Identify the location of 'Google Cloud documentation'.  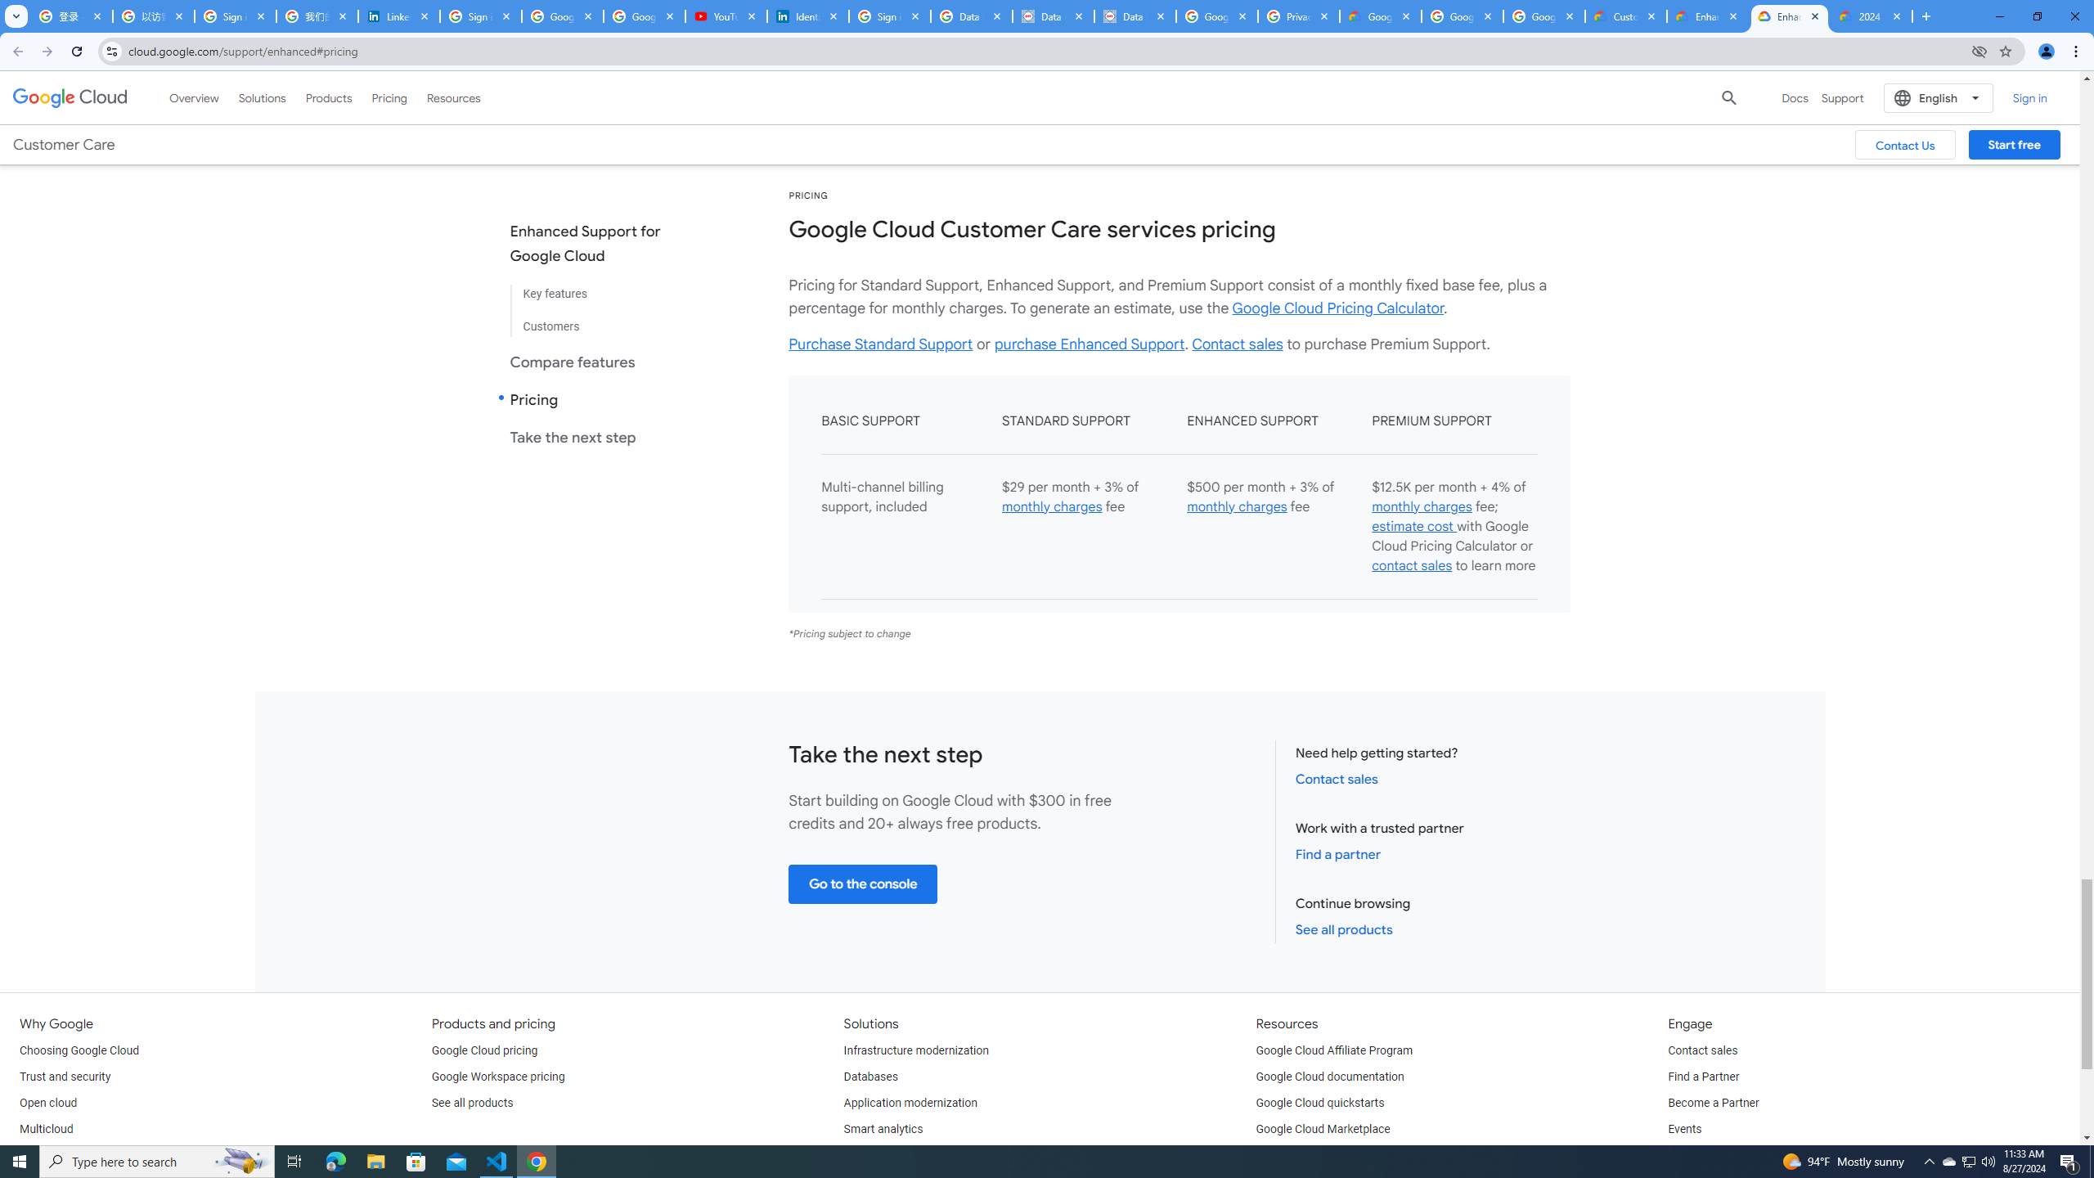
(1330, 1076).